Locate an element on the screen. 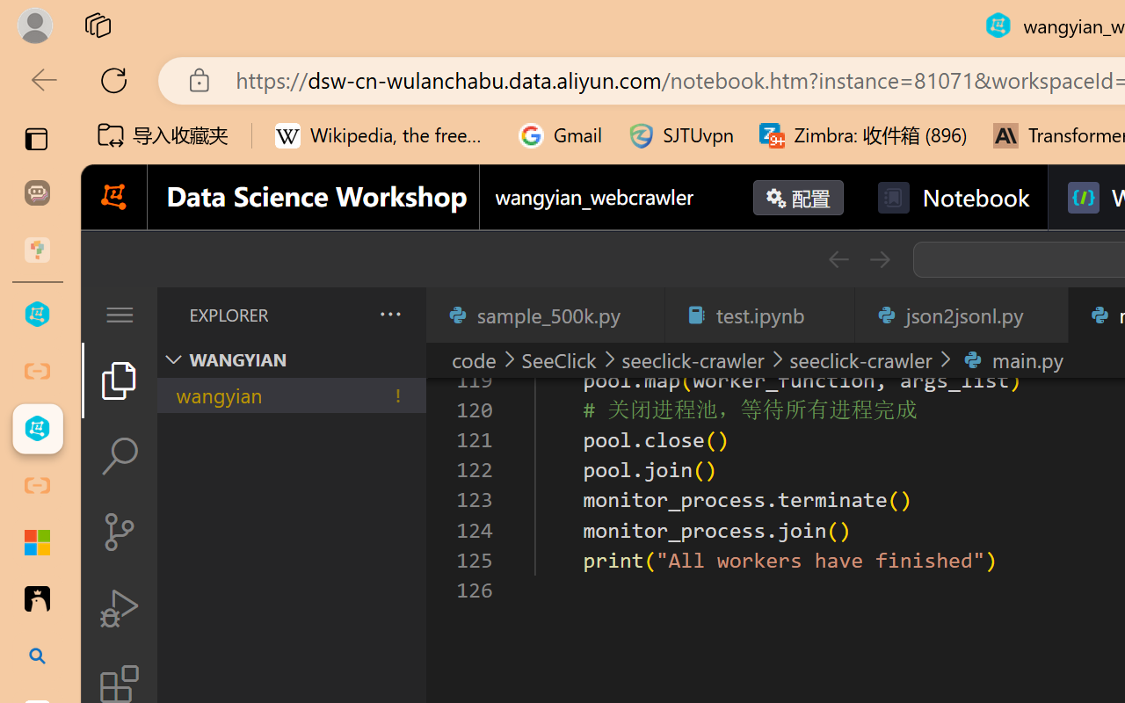 The image size is (1125, 703). 'Run and Debug (Ctrl+Shift+D)' is located at coordinates (118, 608).